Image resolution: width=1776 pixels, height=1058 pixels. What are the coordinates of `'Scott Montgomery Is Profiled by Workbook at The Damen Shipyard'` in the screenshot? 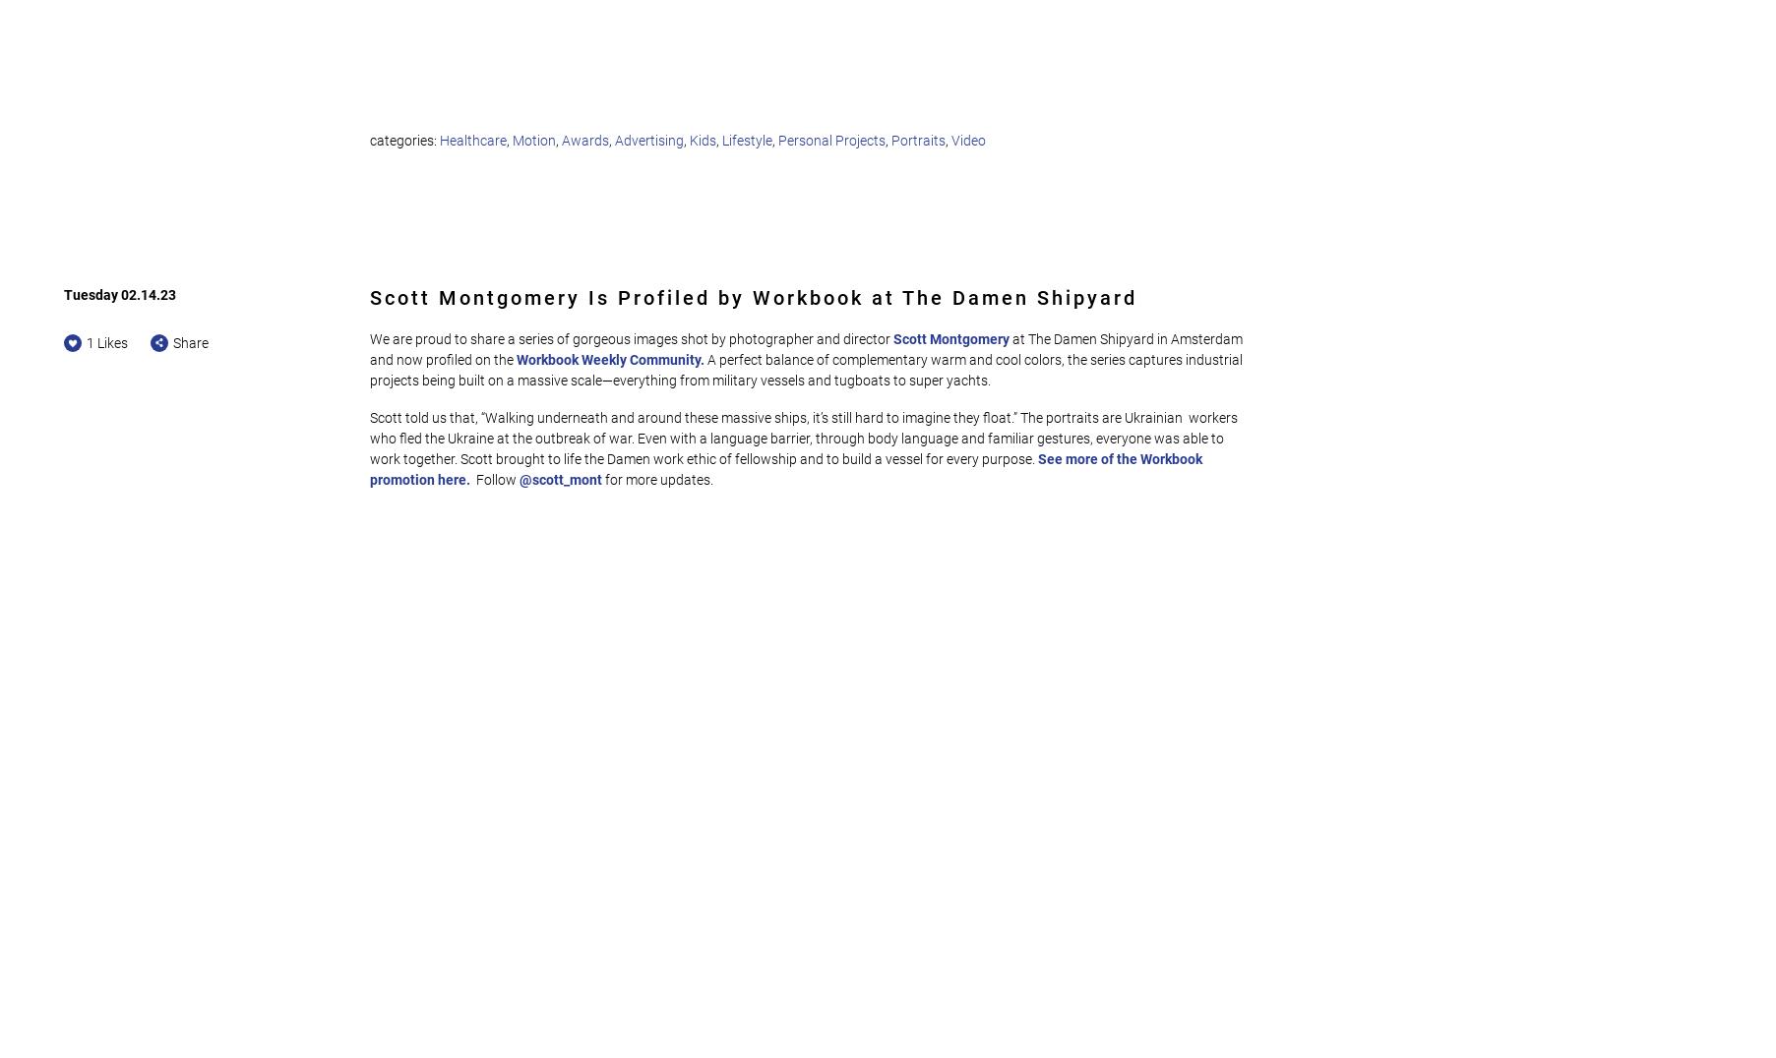 It's located at (754, 296).